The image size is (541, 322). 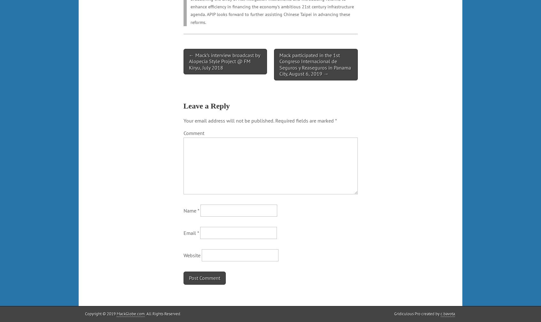 I want to click on '← Mack’s interview broadcast by Alopecia Style Project @ FM Kiryu, July 2018', so click(x=224, y=61).